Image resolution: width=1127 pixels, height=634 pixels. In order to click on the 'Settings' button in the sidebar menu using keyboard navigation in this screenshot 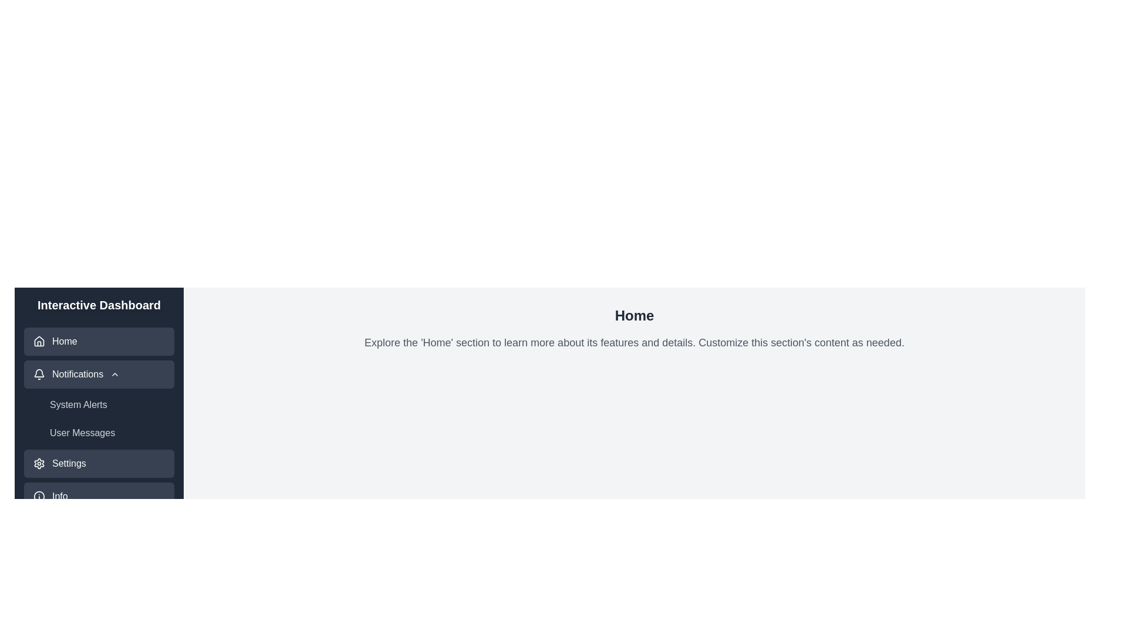, I will do `click(99, 463)`.